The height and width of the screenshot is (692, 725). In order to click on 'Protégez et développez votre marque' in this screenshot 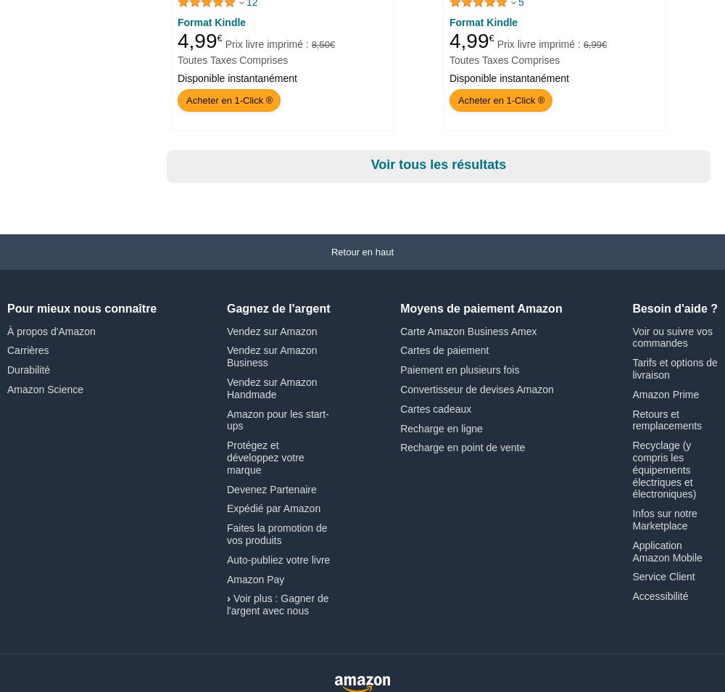, I will do `click(264, 456)`.